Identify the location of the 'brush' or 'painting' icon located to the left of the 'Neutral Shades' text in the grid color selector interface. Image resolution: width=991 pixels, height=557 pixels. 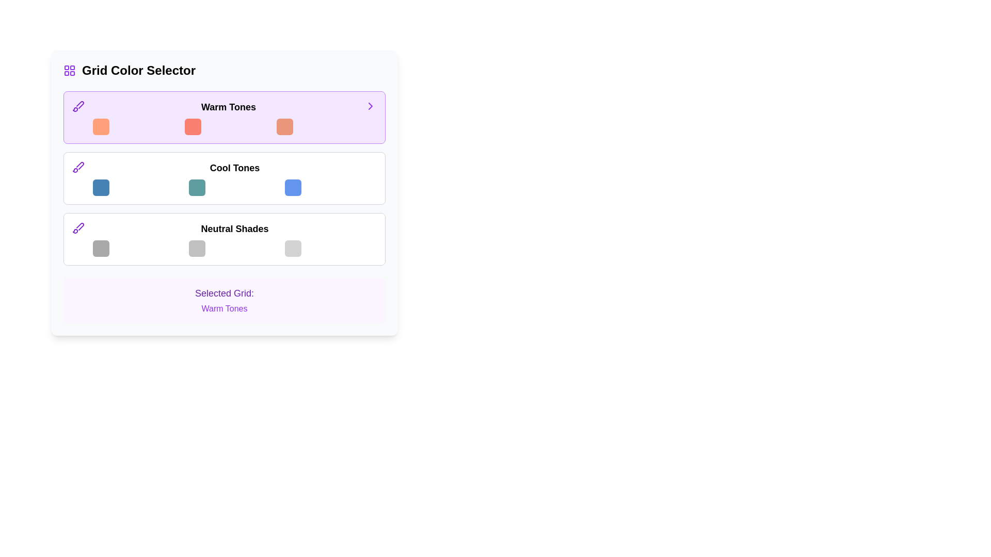
(78, 227).